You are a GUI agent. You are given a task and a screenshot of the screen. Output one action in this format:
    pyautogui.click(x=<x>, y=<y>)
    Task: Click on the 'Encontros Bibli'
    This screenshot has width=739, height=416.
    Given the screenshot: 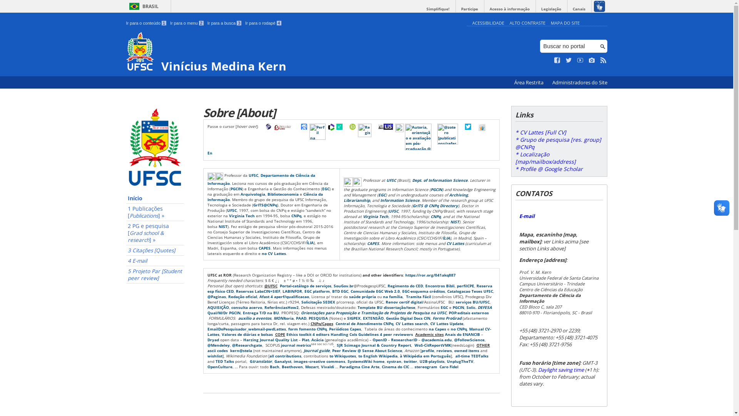 What is the action you would take?
    pyautogui.click(x=440, y=285)
    